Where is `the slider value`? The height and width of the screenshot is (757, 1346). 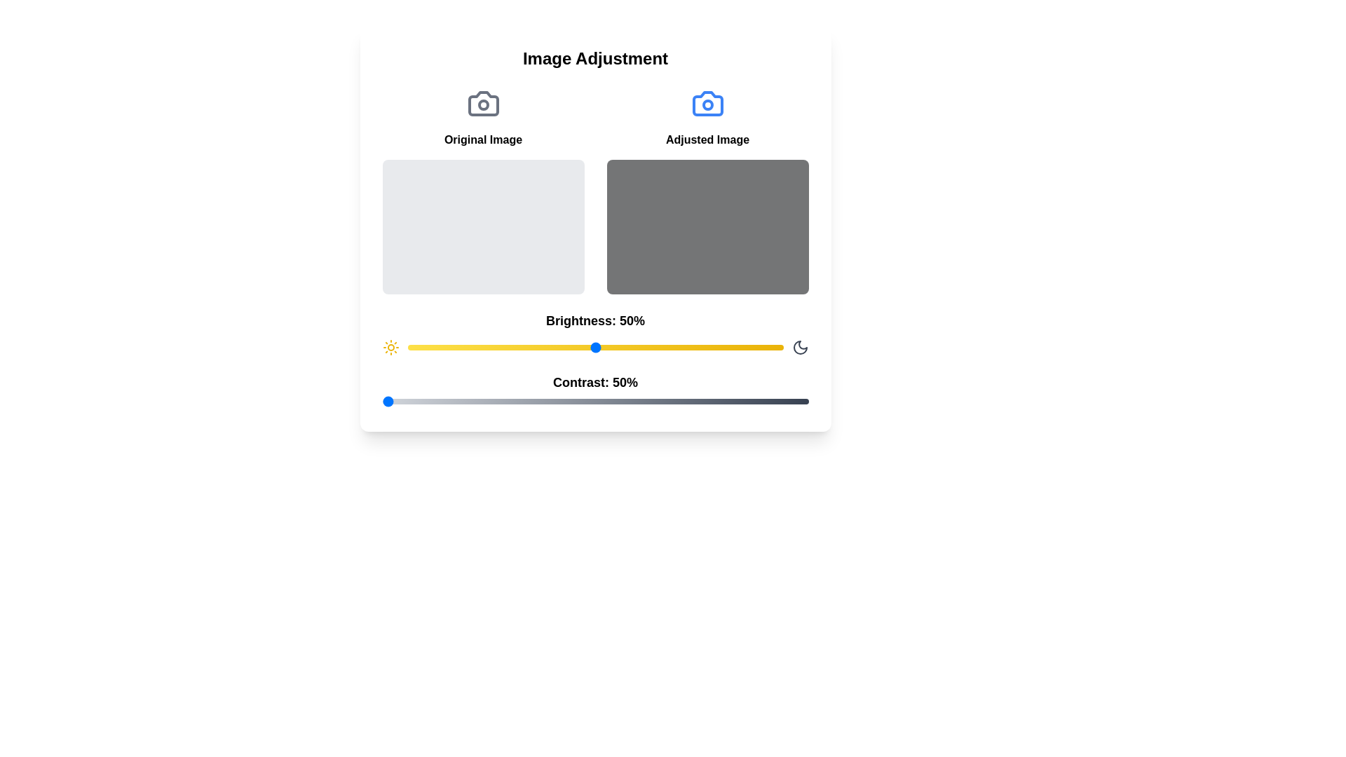
the slider value is located at coordinates (475, 347).